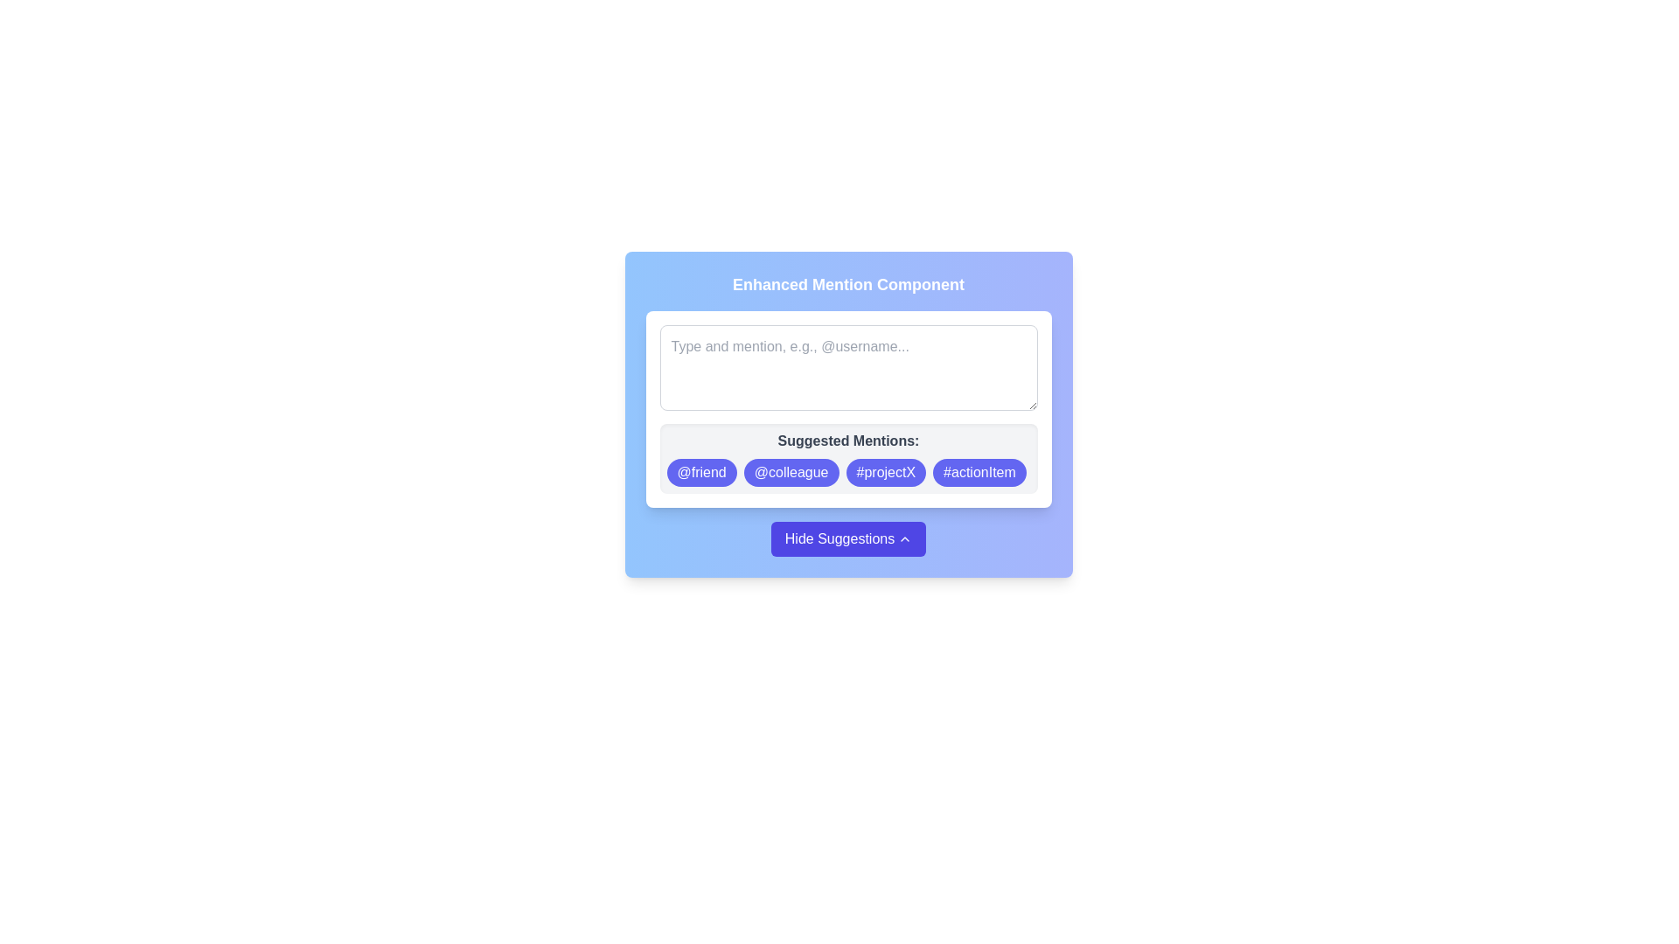 This screenshot has width=1679, height=944. Describe the element at coordinates (905, 538) in the screenshot. I see `the chevron-up icon located within the 'Hide Suggestions' button to initiate the action` at that location.